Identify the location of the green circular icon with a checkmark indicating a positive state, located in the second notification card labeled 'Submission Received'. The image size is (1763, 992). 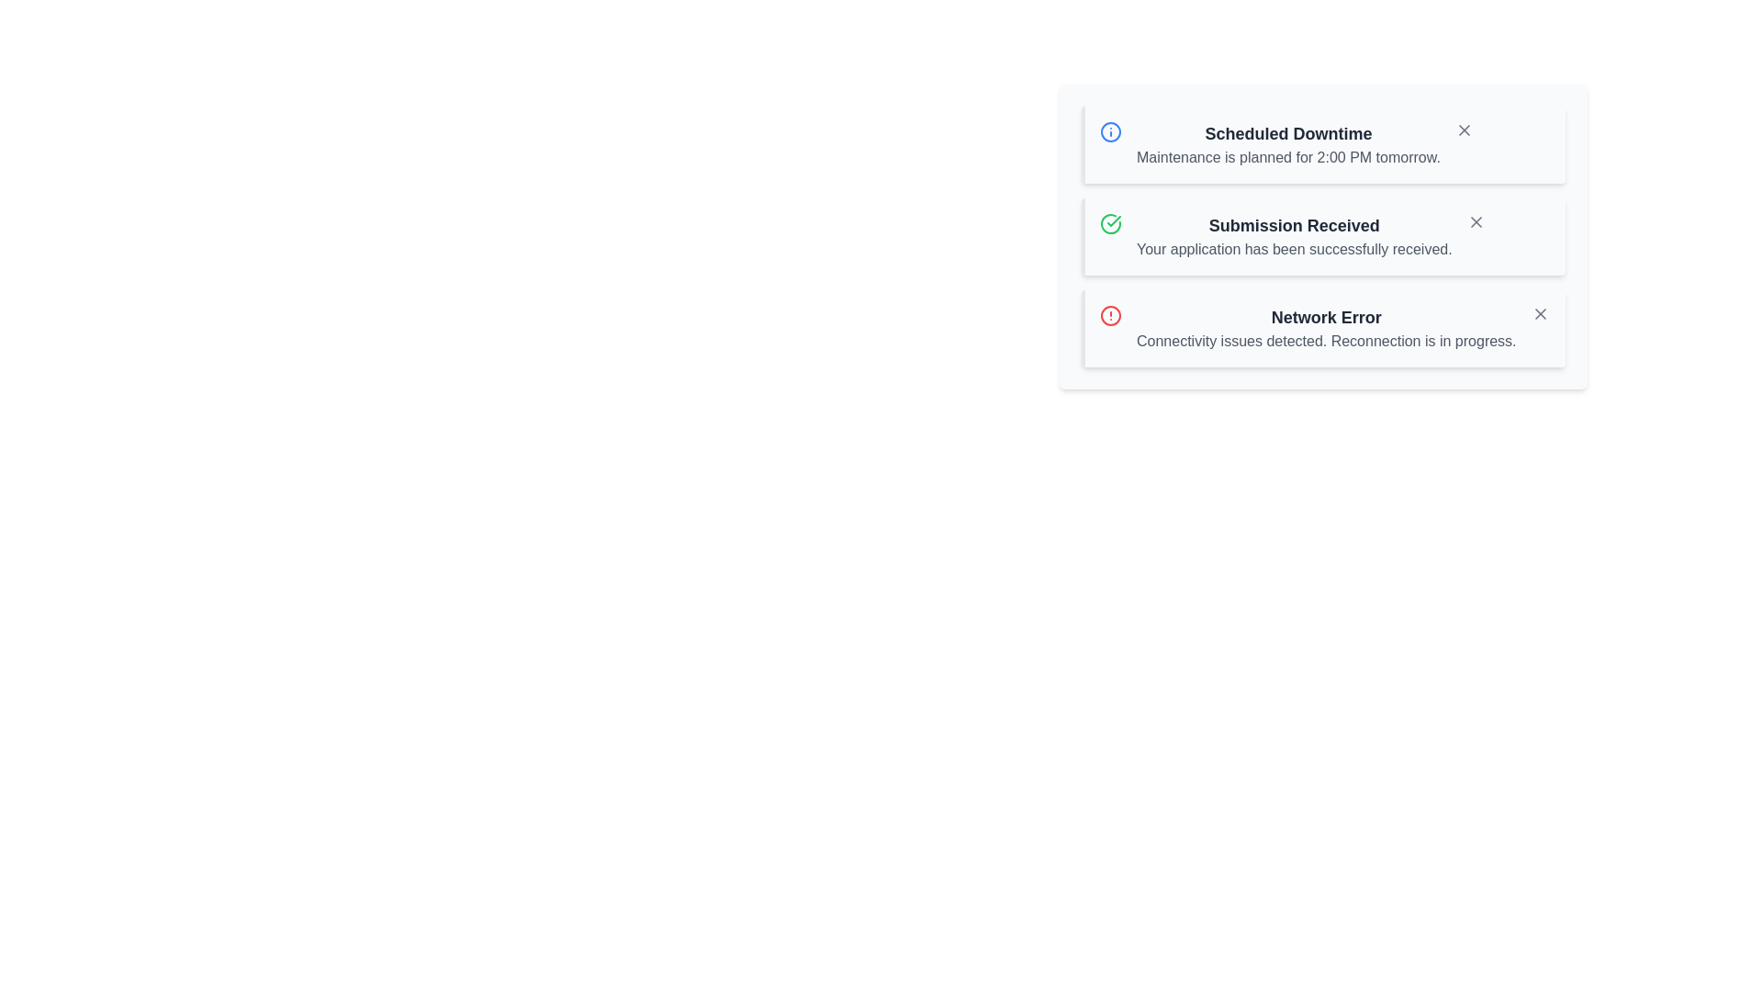
(1109, 222).